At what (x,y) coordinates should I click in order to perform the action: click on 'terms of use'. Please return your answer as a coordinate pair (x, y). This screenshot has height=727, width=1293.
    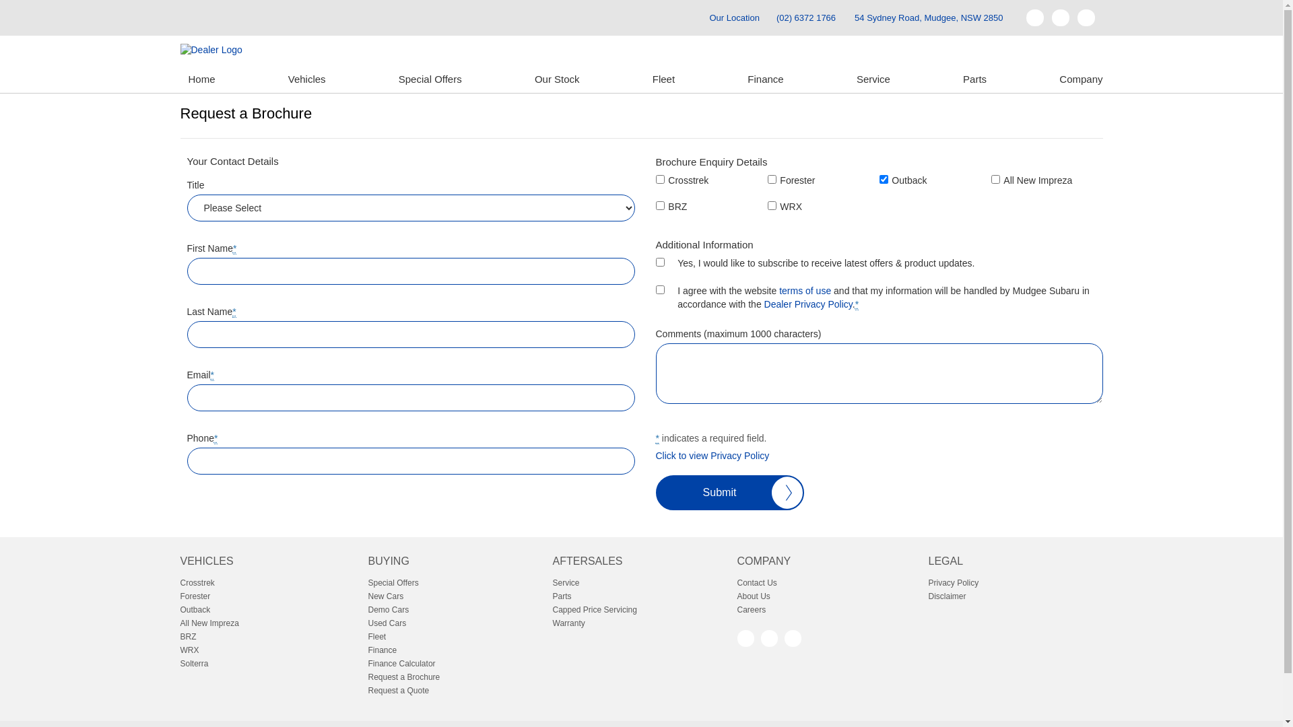
    Looking at the image, I should click on (778, 290).